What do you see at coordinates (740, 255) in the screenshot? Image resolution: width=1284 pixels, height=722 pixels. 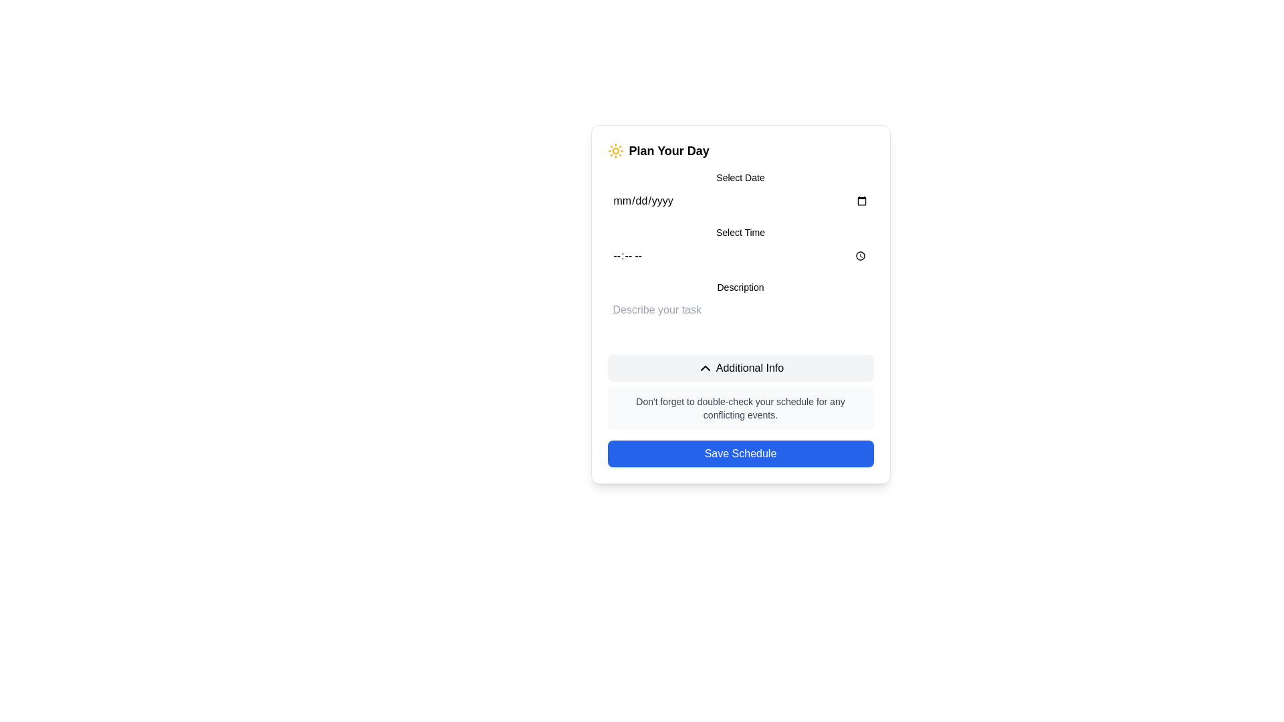 I see `a time from the dropdown menu located in the Time input field beneath the 'Select Time' label` at bounding box center [740, 255].